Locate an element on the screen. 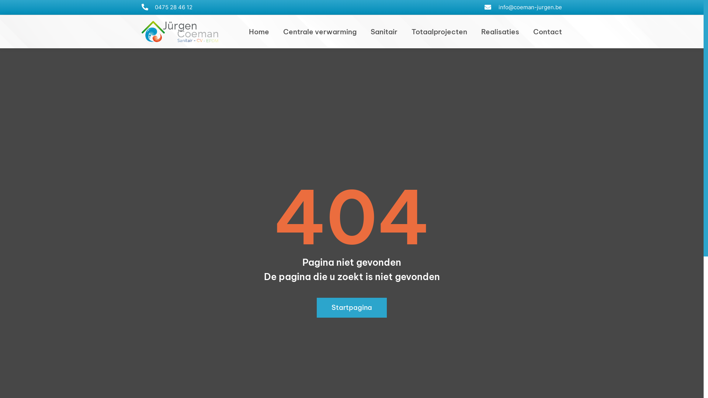 The height and width of the screenshot is (398, 708). 'Totaalprojecten' is located at coordinates (411, 31).